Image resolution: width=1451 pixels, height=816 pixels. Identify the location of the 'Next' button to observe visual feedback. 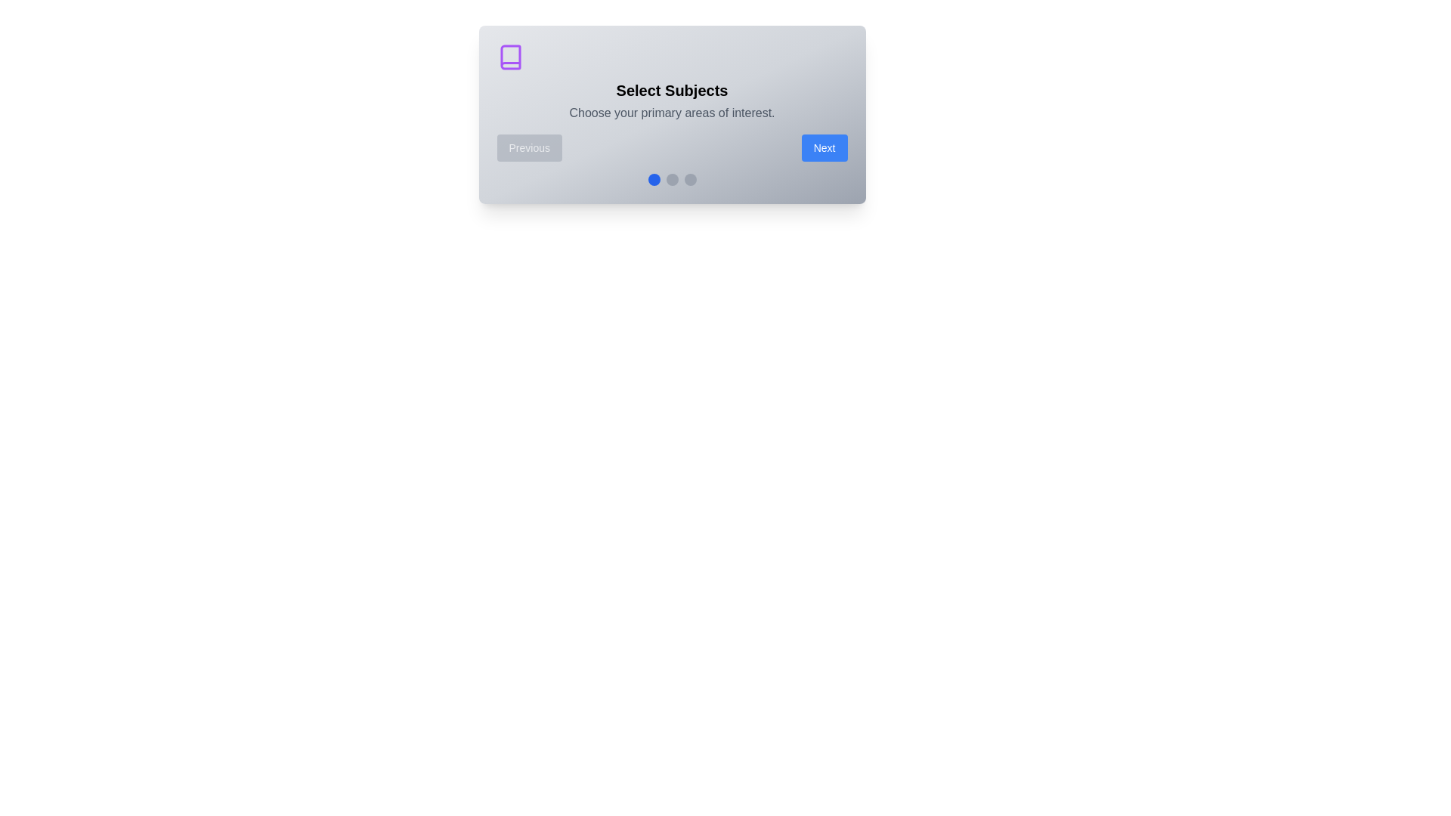
(823, 148).